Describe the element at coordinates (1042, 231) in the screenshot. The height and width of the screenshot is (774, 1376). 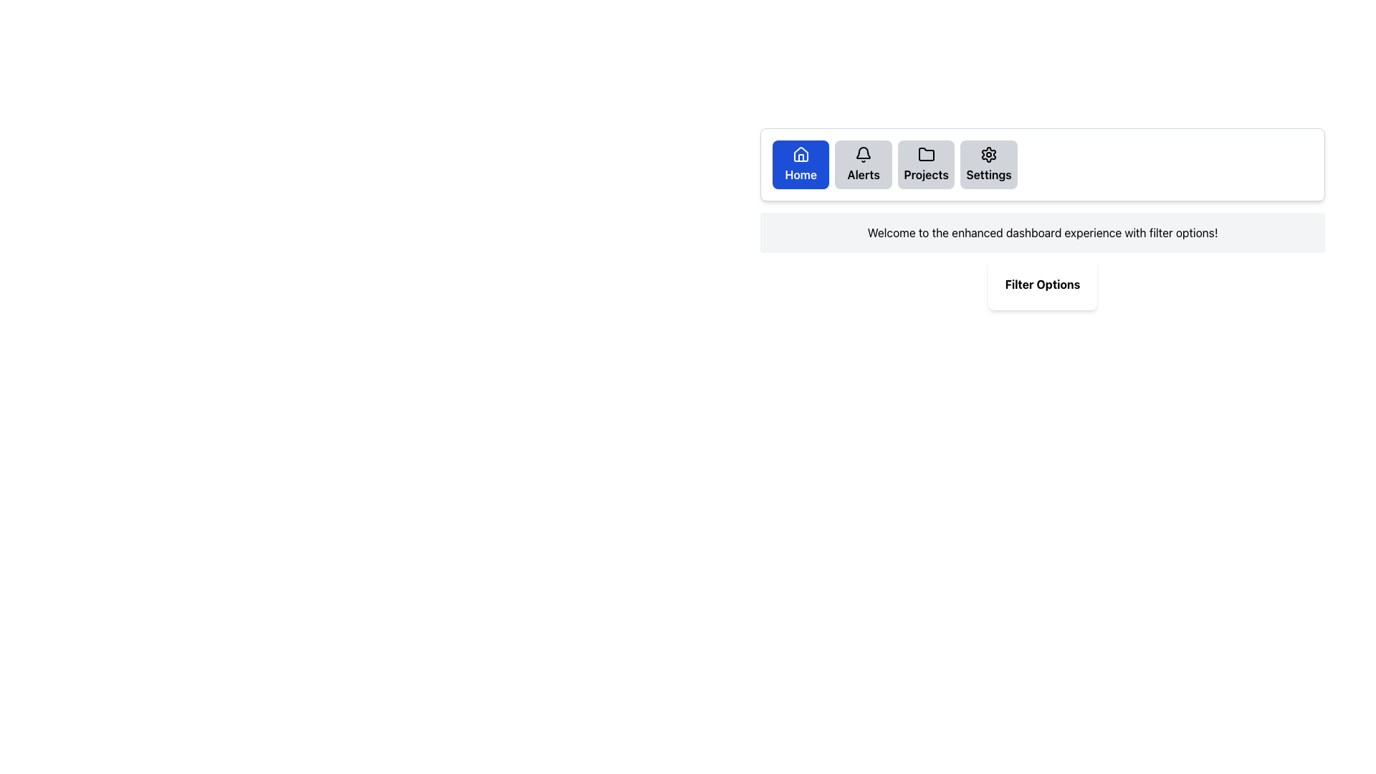
I see `text content of the Text Block element that displays 'Welcome to the enhanced dashboard experience with filter options!', located below the navigation bar and above the 'Filter Options' button` at that location.